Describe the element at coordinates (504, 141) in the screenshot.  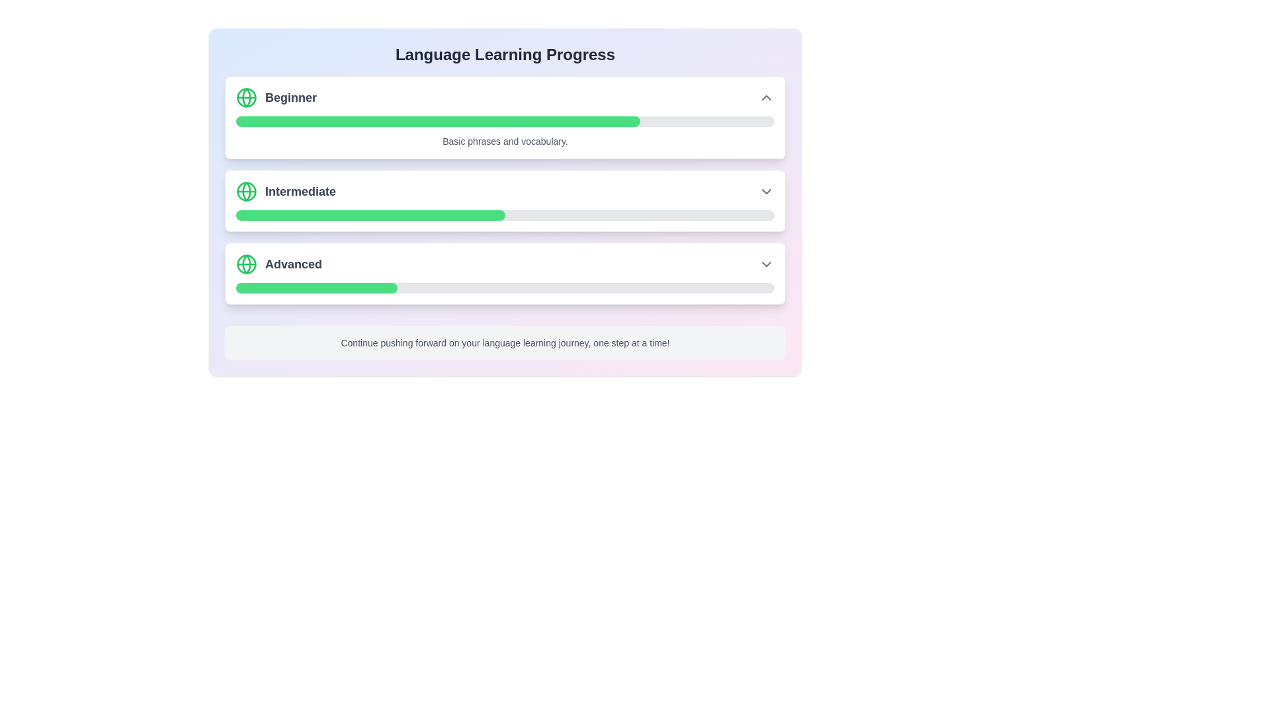
I see `the text element displaying 'Basic phrases and vocabulary.' located at the bottom of the 'Beginner' card` at that location.